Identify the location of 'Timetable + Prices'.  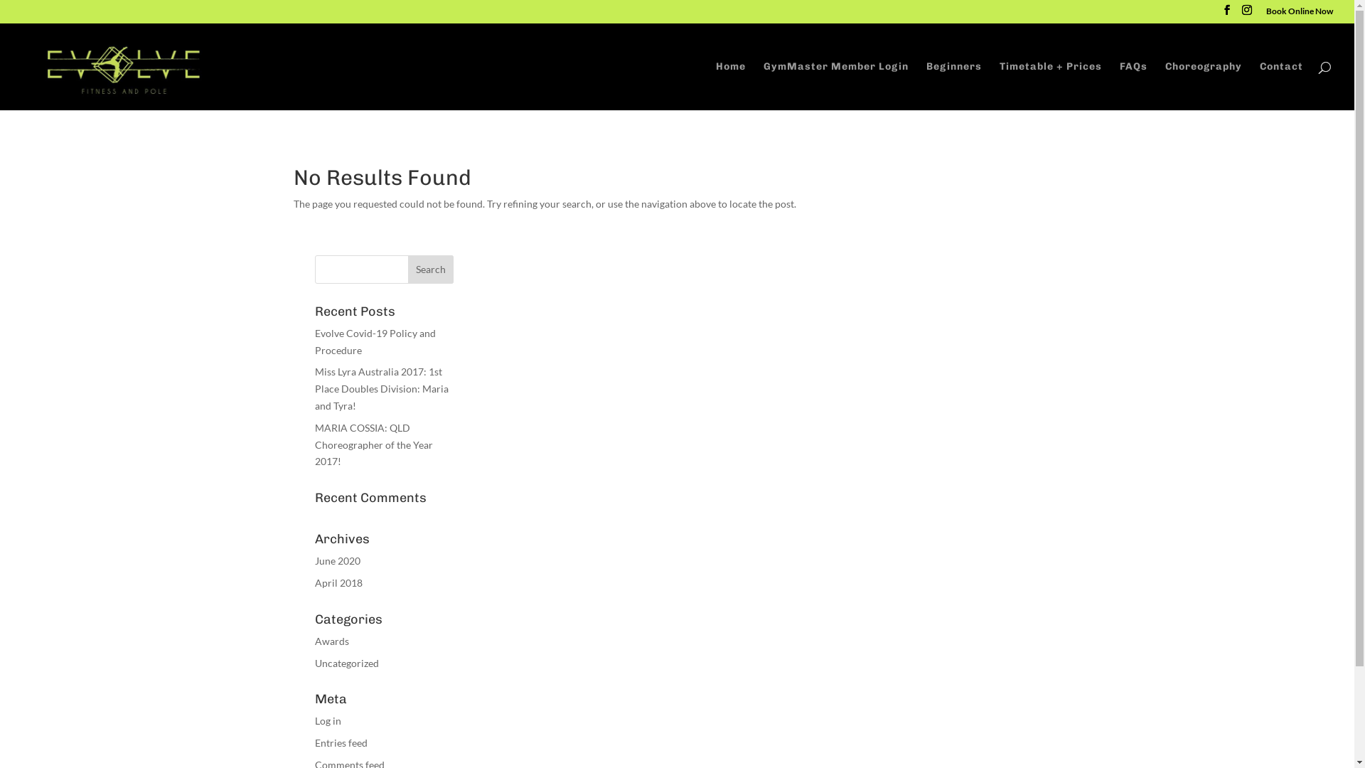
(1051, 85).